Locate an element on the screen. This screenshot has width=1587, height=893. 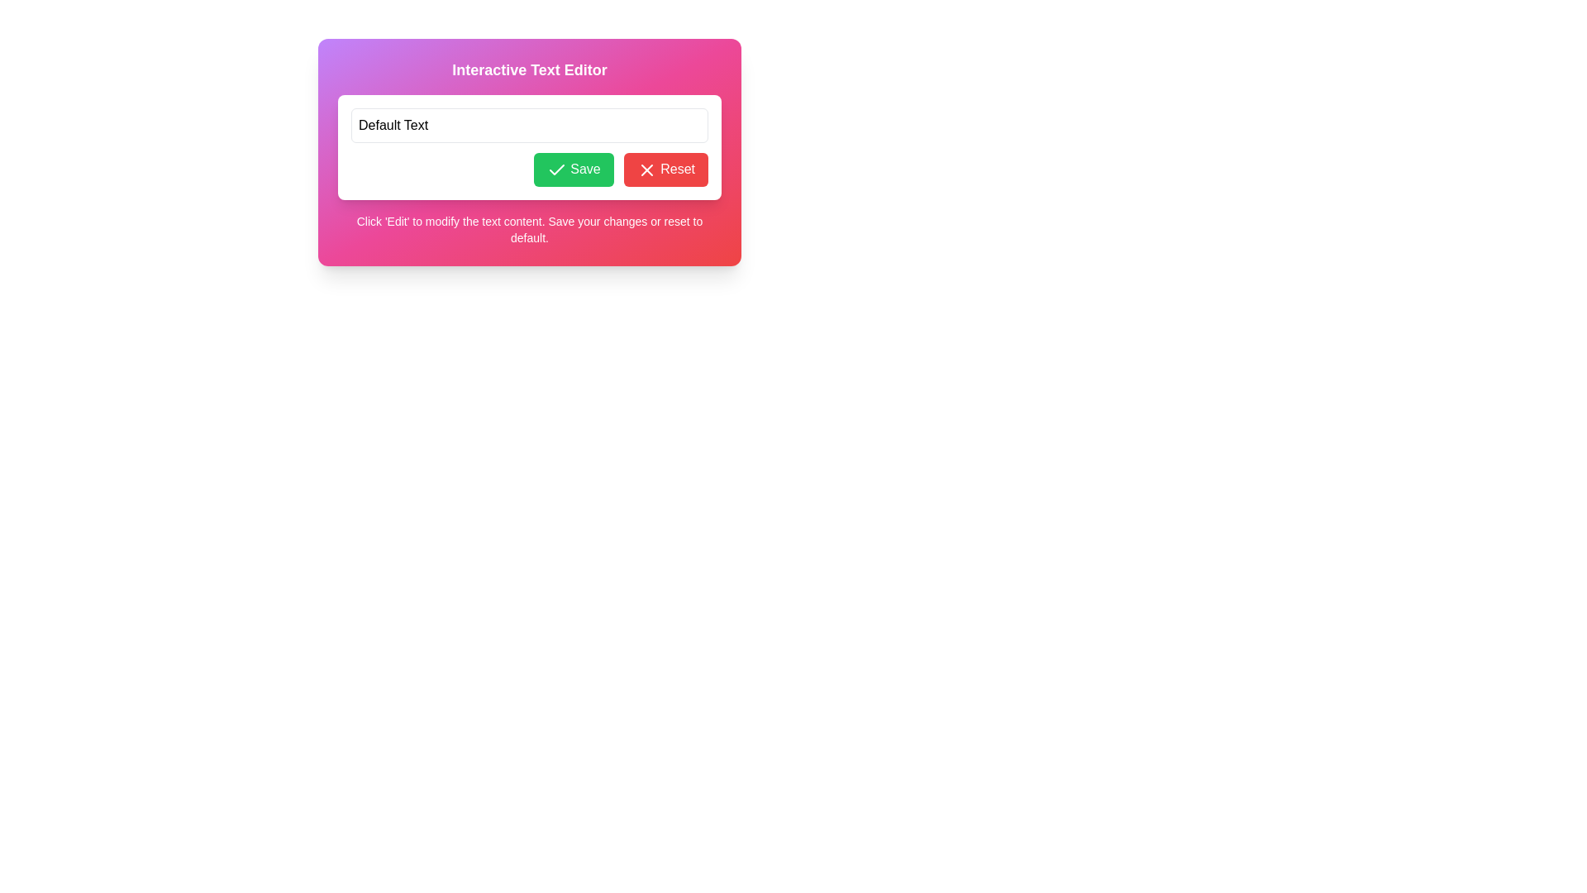
the static text display at the bottom of the 'Interactive Text Editor' card, which instructs the user to click 'Edit' to modify the text content is located at coordinates (530, 229).